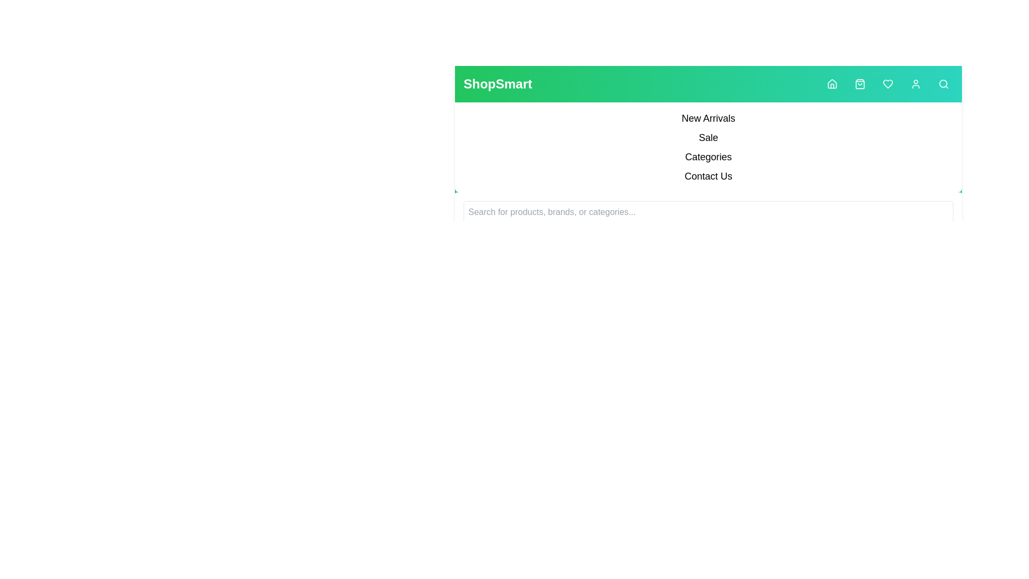  What do you see at coordinates (944, 84) in the screenshot?
I see `the search bar toggle button to change its visibility` at bounding box center [944, 84].